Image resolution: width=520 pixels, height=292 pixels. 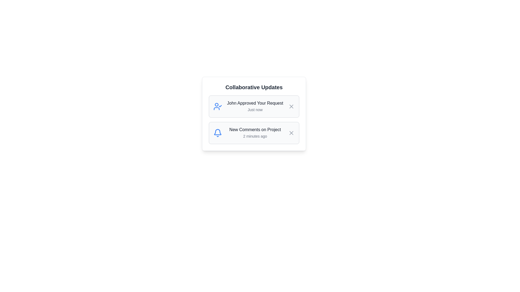 What do you see at coordinates (218, 106) in the screenshot?
I see `the user icon with a checkmark located within the notification card, positioned to the left of the text 'John Approved Your Request'` at bounding box center [218, 106].